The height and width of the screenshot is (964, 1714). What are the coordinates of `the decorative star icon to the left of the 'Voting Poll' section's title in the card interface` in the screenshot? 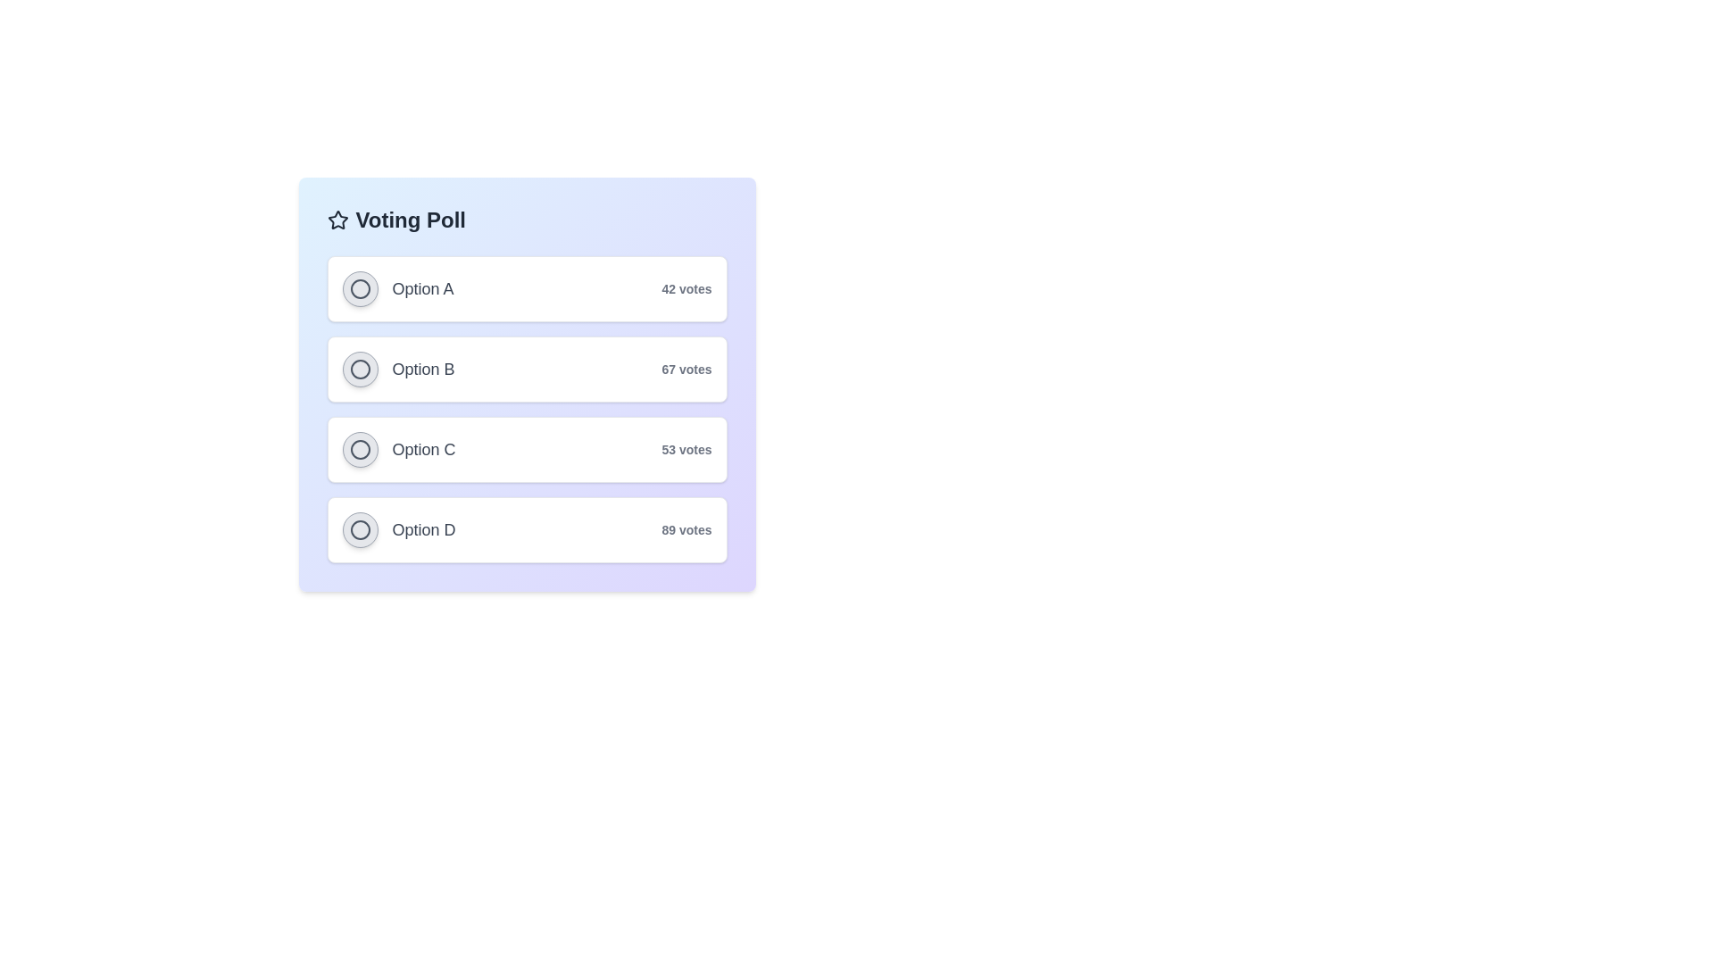 It's located at (337, 219).